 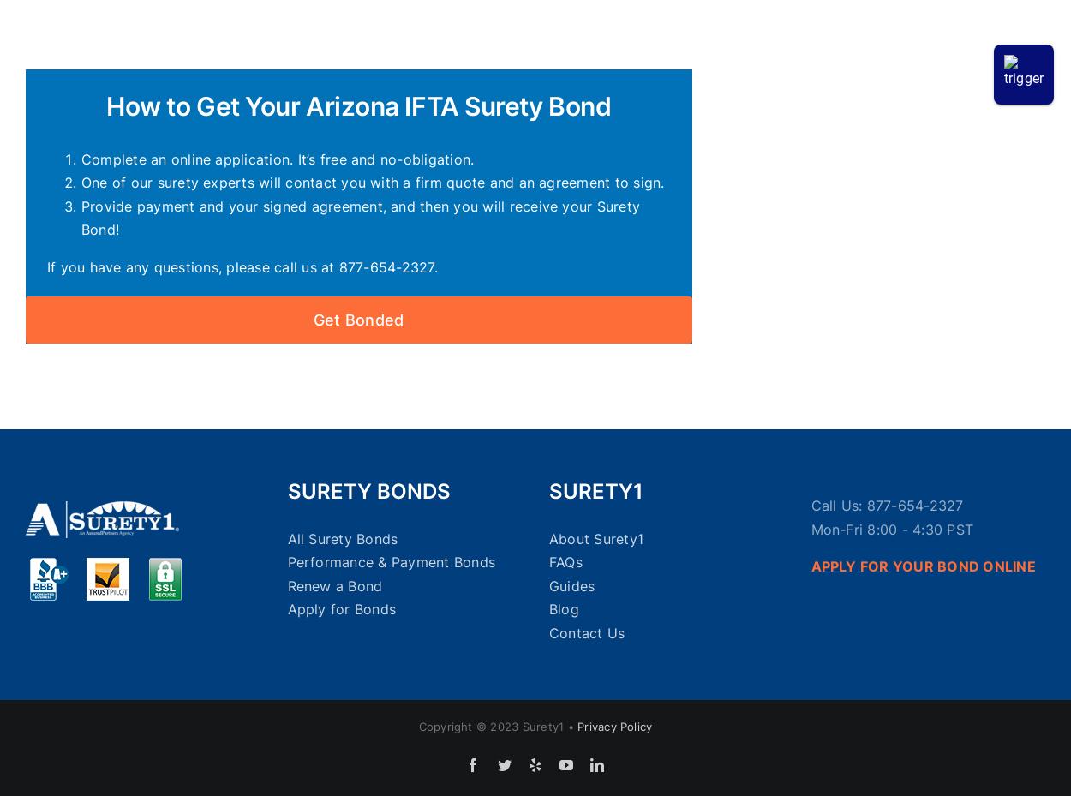 What do you see at coordinates (372, 182) in the screenshot?
I see `'One of our surety experts will contact you with a firm quote and an agreement to sign.'` at bounding box center [372, 182].